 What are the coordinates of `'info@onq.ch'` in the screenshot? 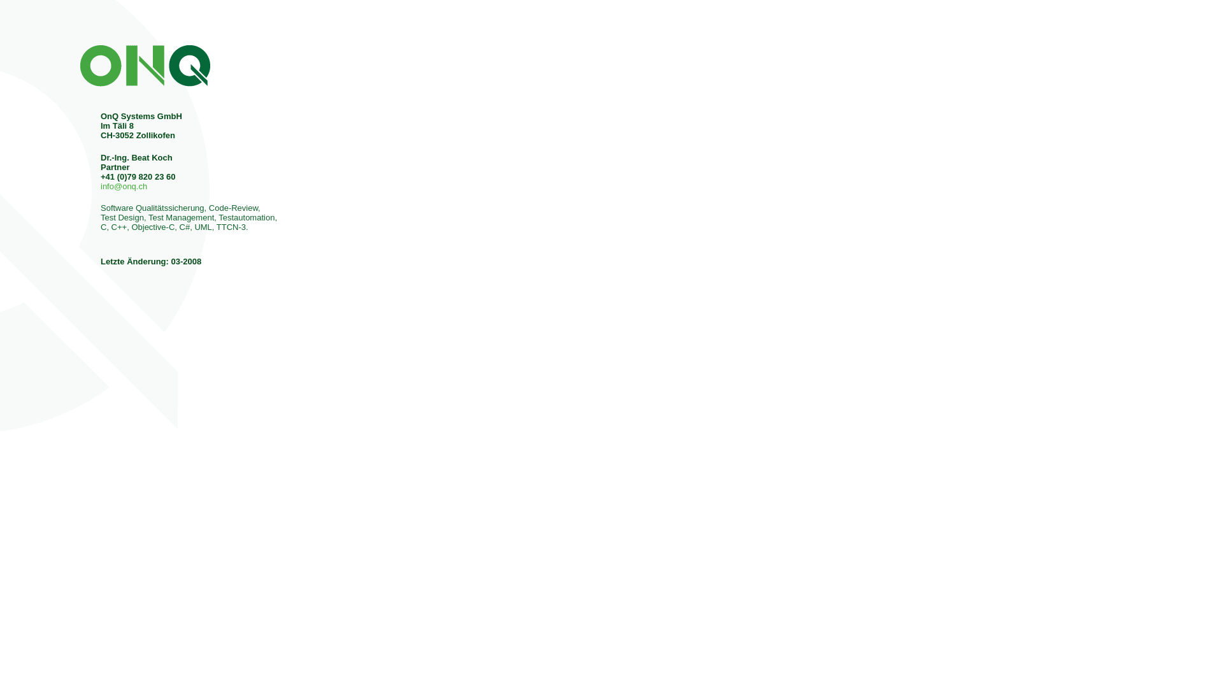 It's located at (100, 185).